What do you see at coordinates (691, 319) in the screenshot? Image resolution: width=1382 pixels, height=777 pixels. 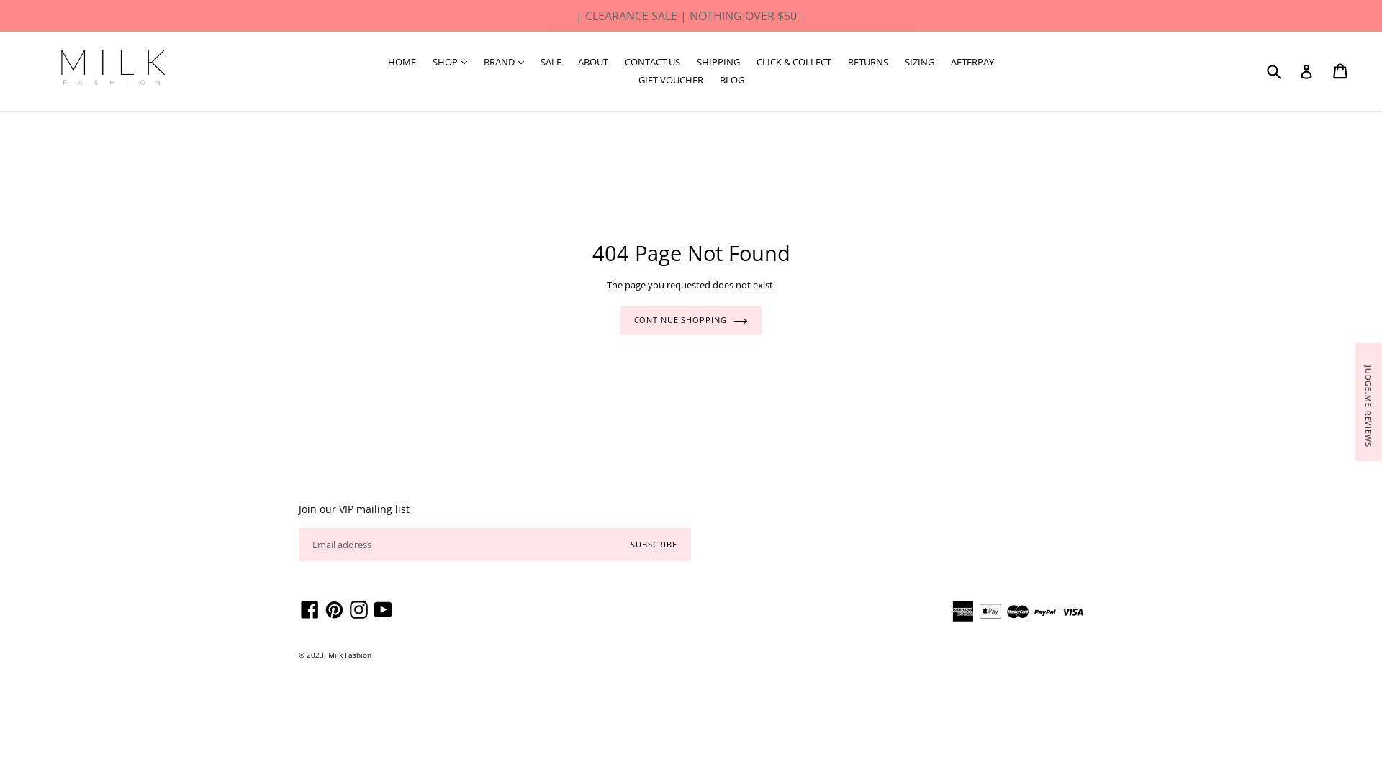 I see `'CONTINUE SHOPPING'` at bounding box center [691, 319].